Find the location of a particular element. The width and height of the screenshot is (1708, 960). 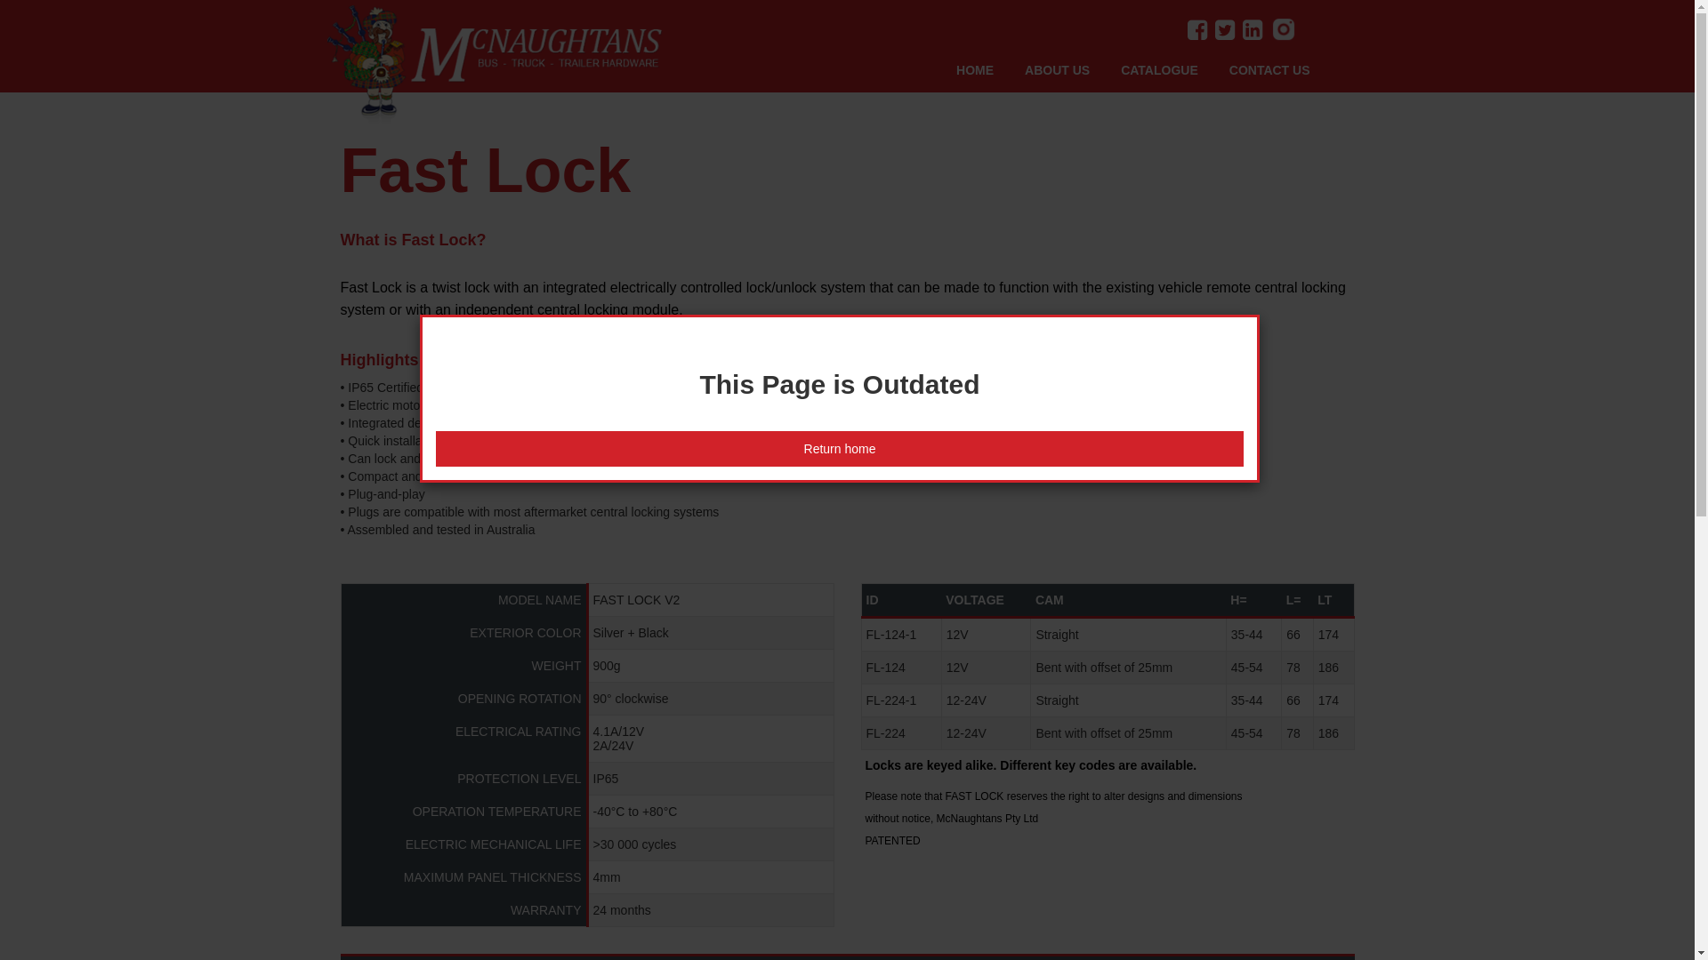

'CONTACT US' is located at coordinates (1285, 68).